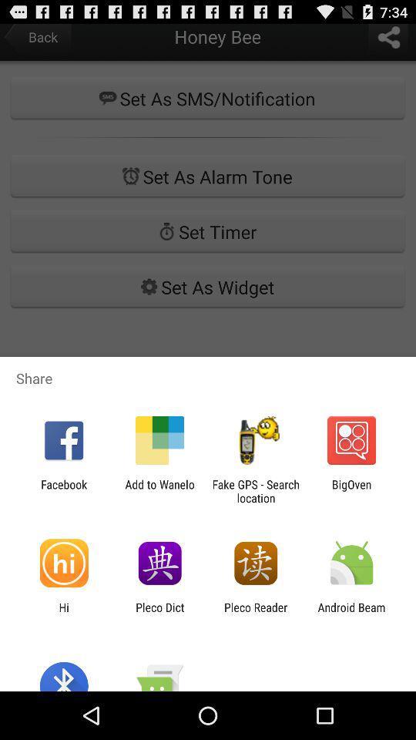  I want to click on the icon next to the pleco reader icon, so click(159, 614).